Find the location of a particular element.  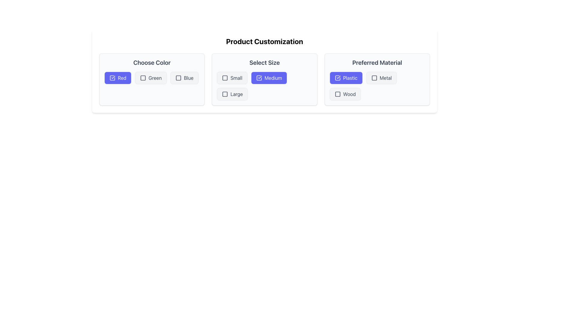

the checkbox located within the 'Large' option button in the 'Select Size' section, which is represented as a square outline with rounded corners and no fill, styled with a thin border line is located at coordinates (225, 94).